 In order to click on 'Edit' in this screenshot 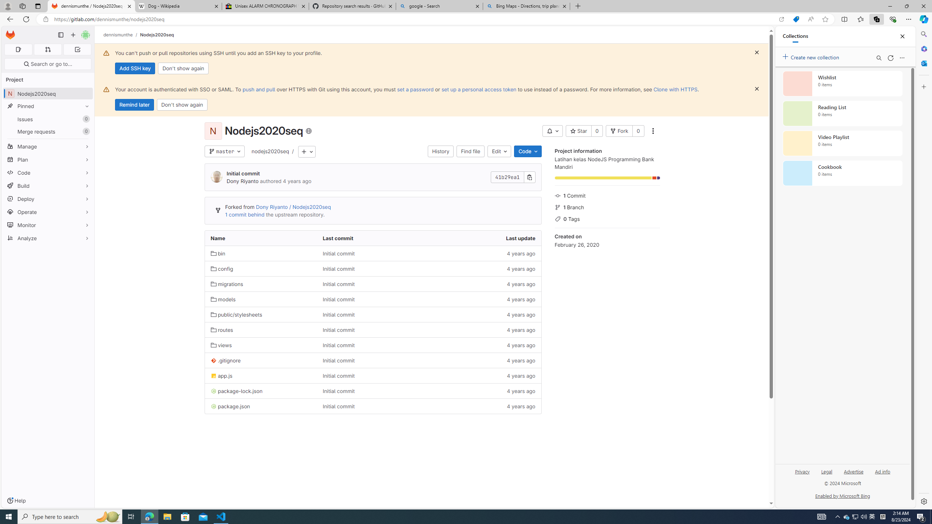, I will do `click(499, 151)`.